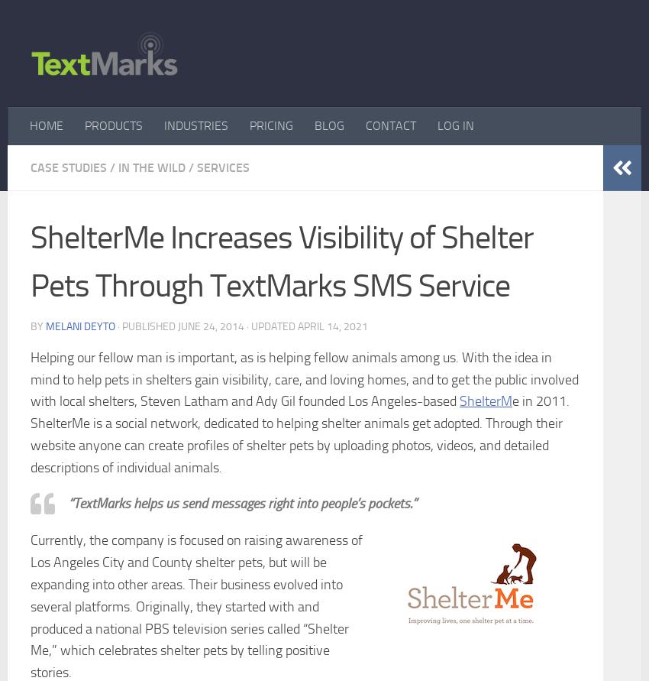 The image size is (649, 681). I want to click on 'PRODUCTS', so click(84, 124).